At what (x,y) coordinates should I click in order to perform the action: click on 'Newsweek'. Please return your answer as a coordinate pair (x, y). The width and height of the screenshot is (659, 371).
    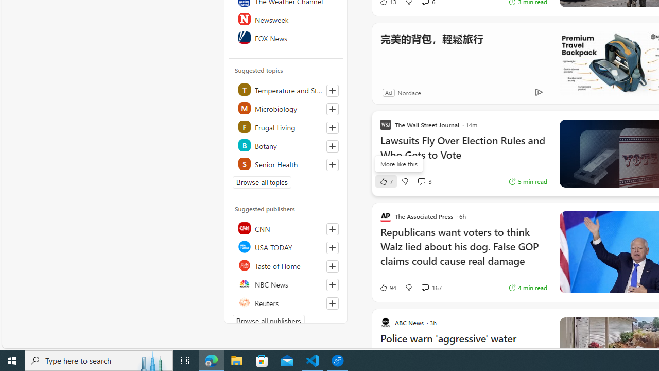
    Looking at the image, I should click on (286, 19).